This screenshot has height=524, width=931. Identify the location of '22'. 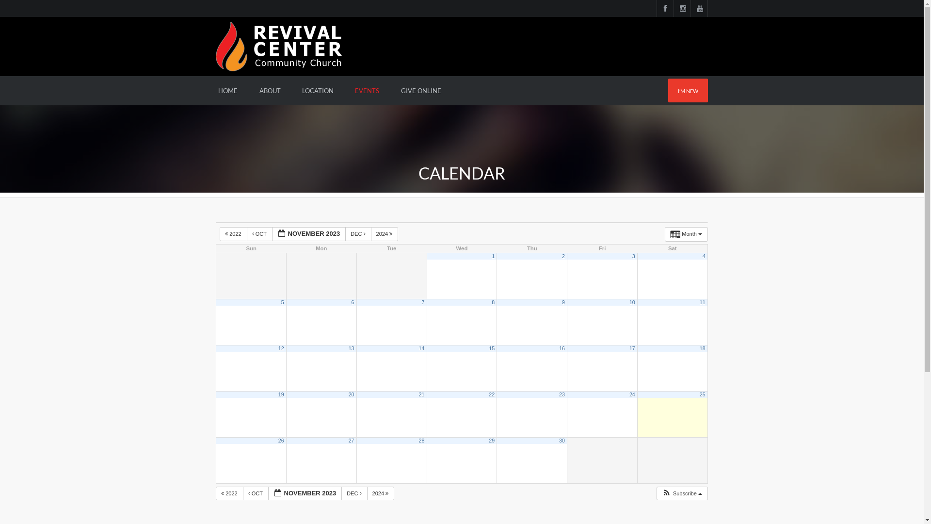
(491, 394).